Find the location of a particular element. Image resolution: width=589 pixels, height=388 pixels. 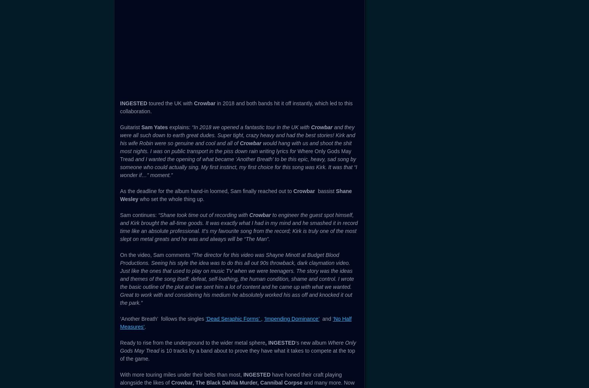

', along with a stunning animated music video. This is the fourth single taken from new album' is located at coordinates (236, 136).